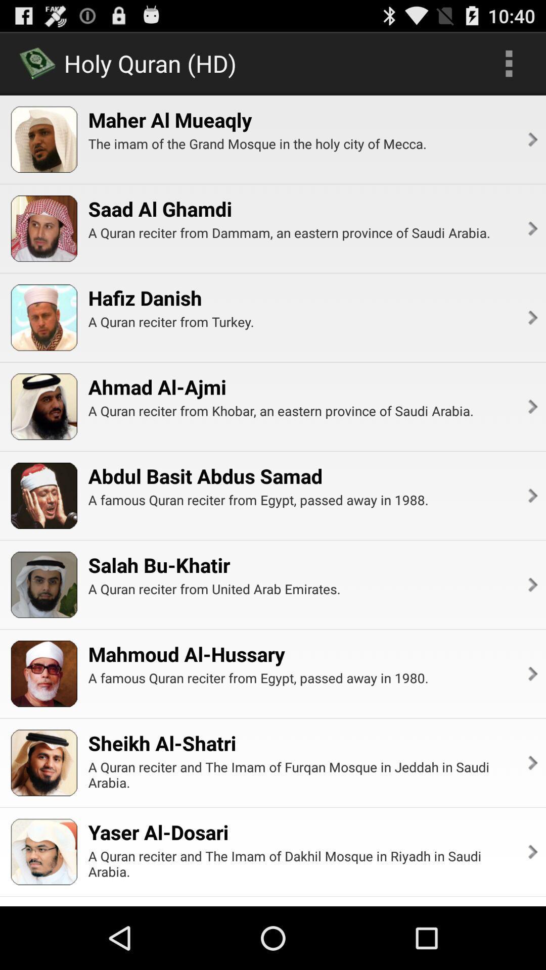  I want to click on the app next to a quran reciter item, so click(531, 407).